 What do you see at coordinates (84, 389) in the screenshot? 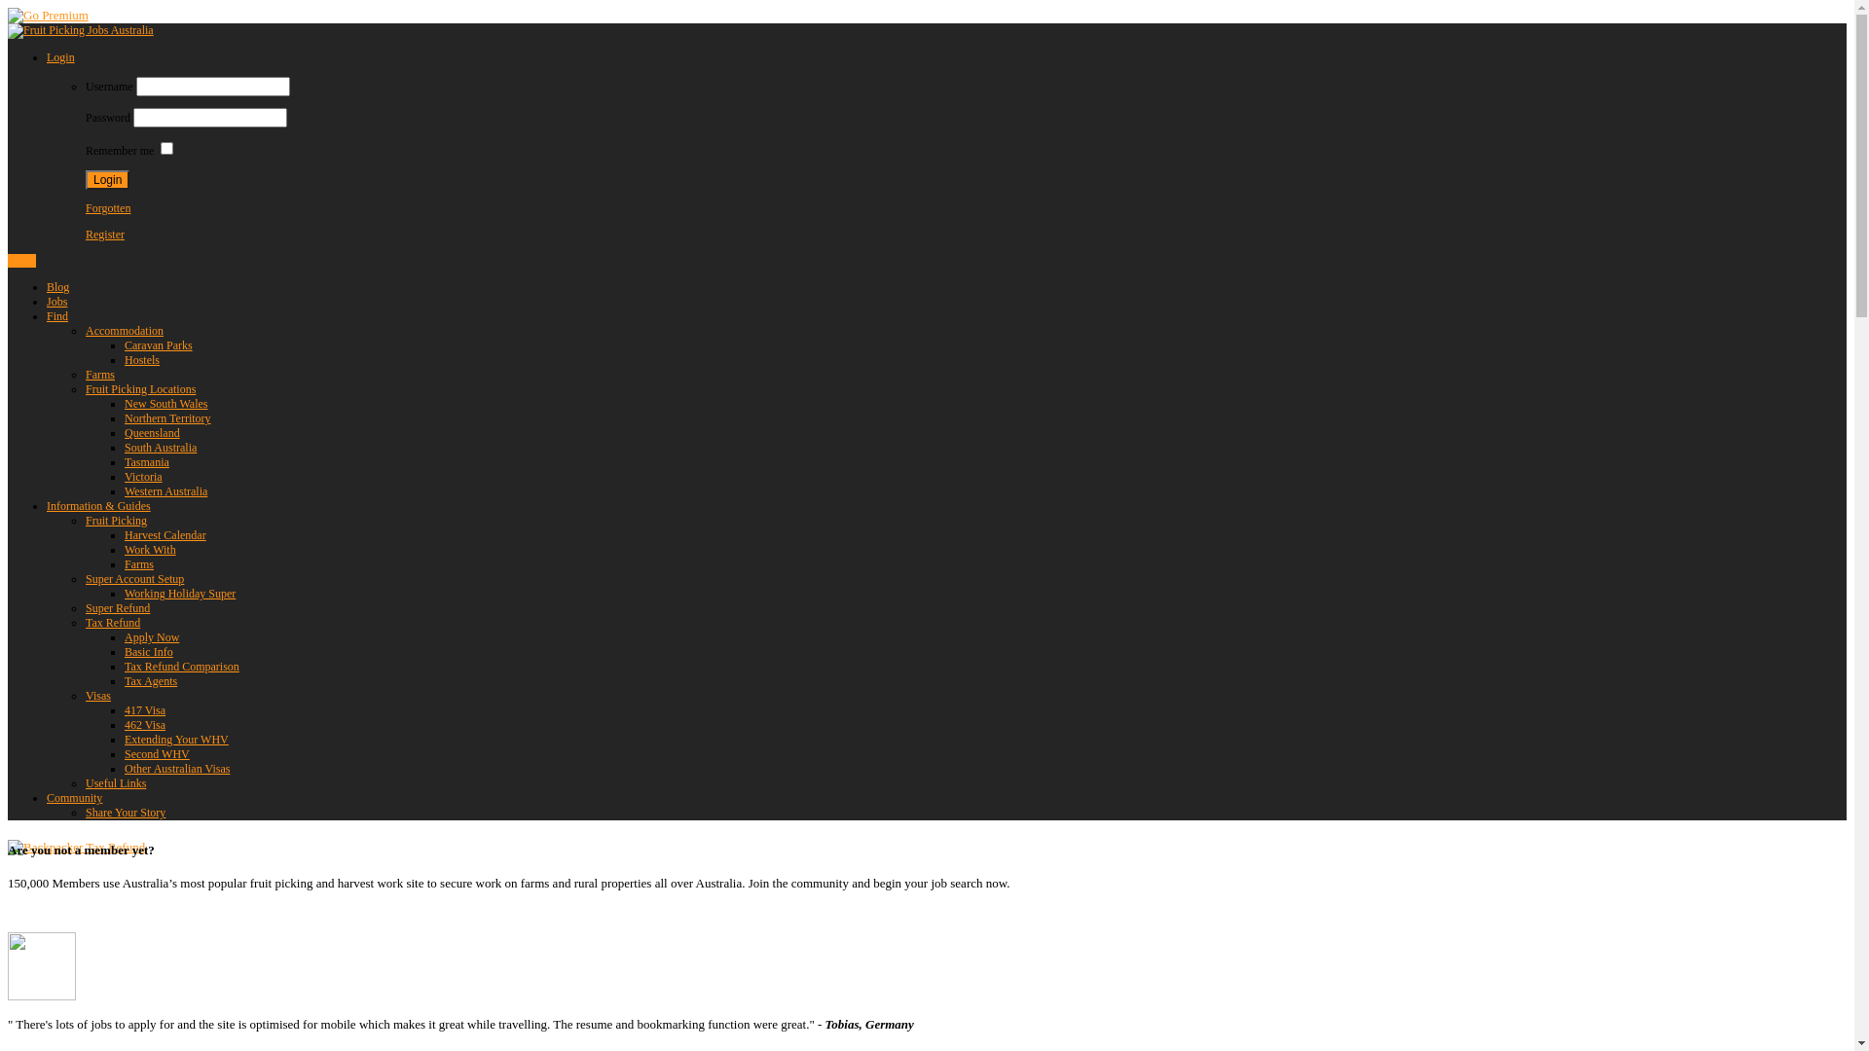
I see `'Fruit Picking Locations'` at bounding box center [84, 389].